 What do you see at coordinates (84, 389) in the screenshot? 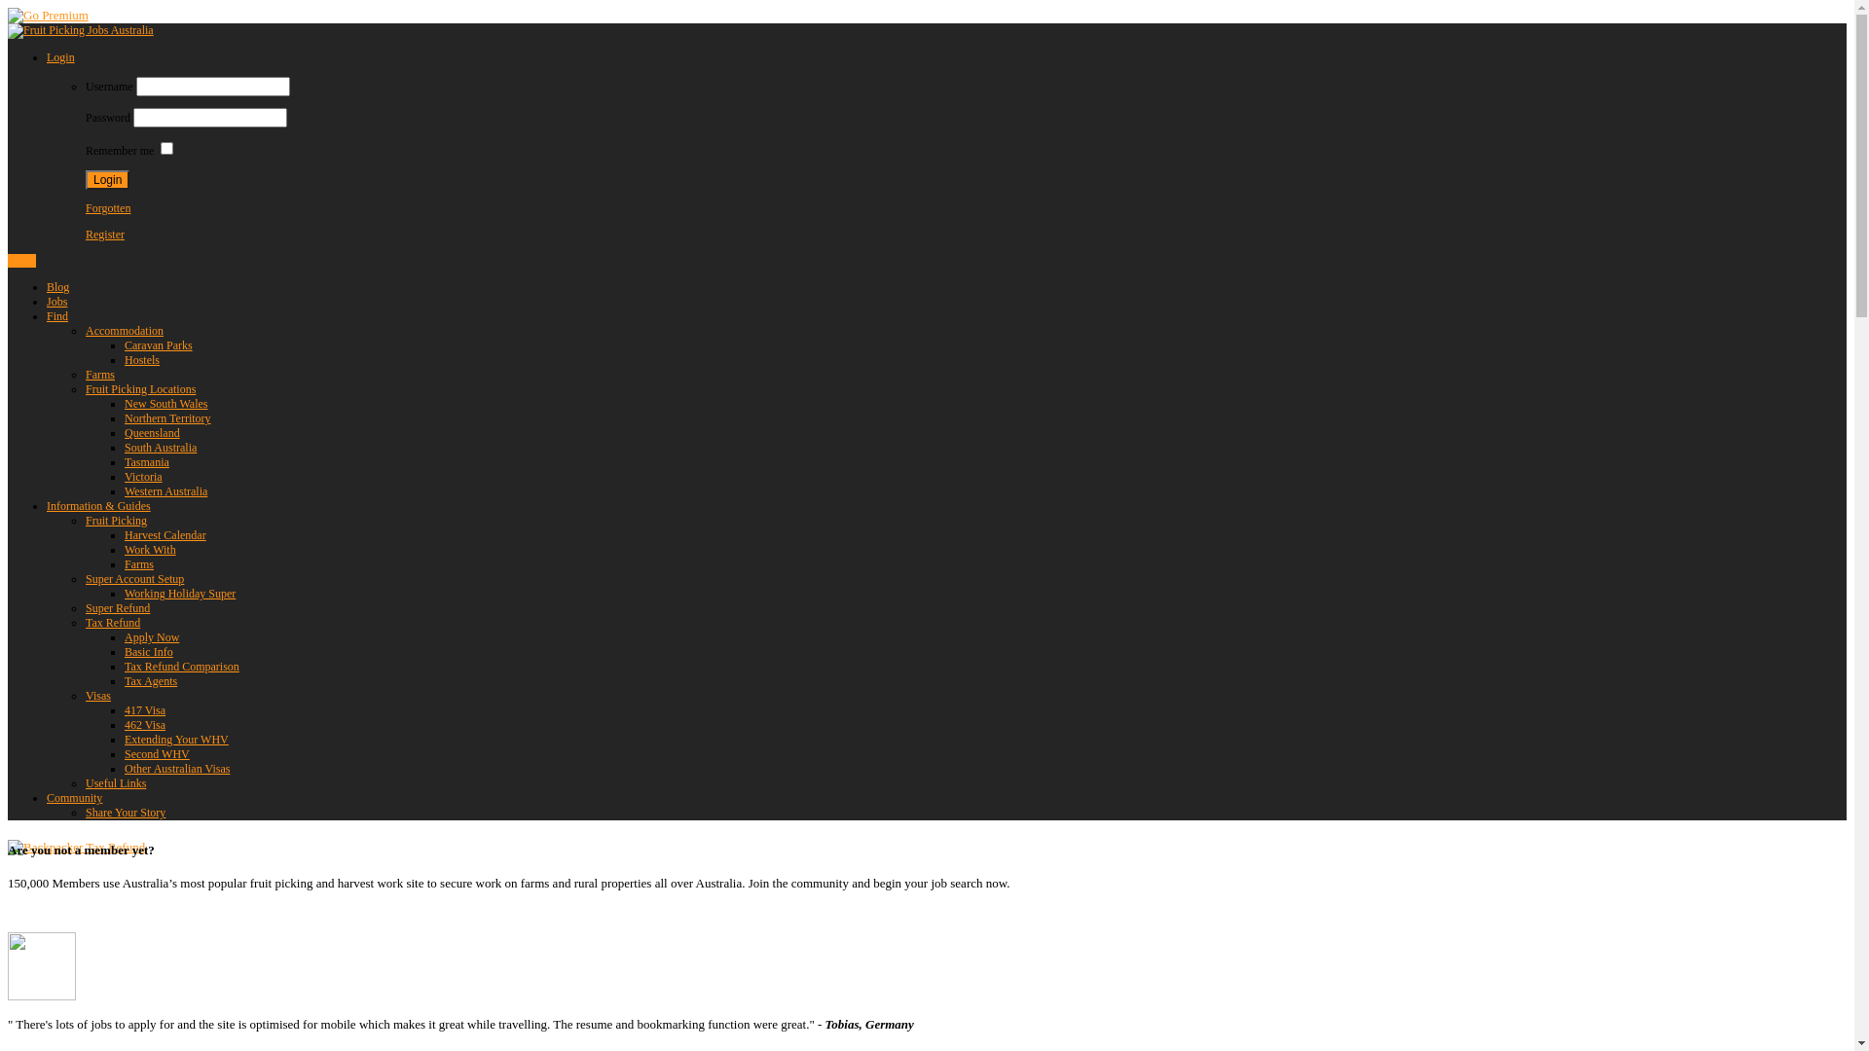
I see `'Fruit Picking Locations'` at bounding box center [84, 389].